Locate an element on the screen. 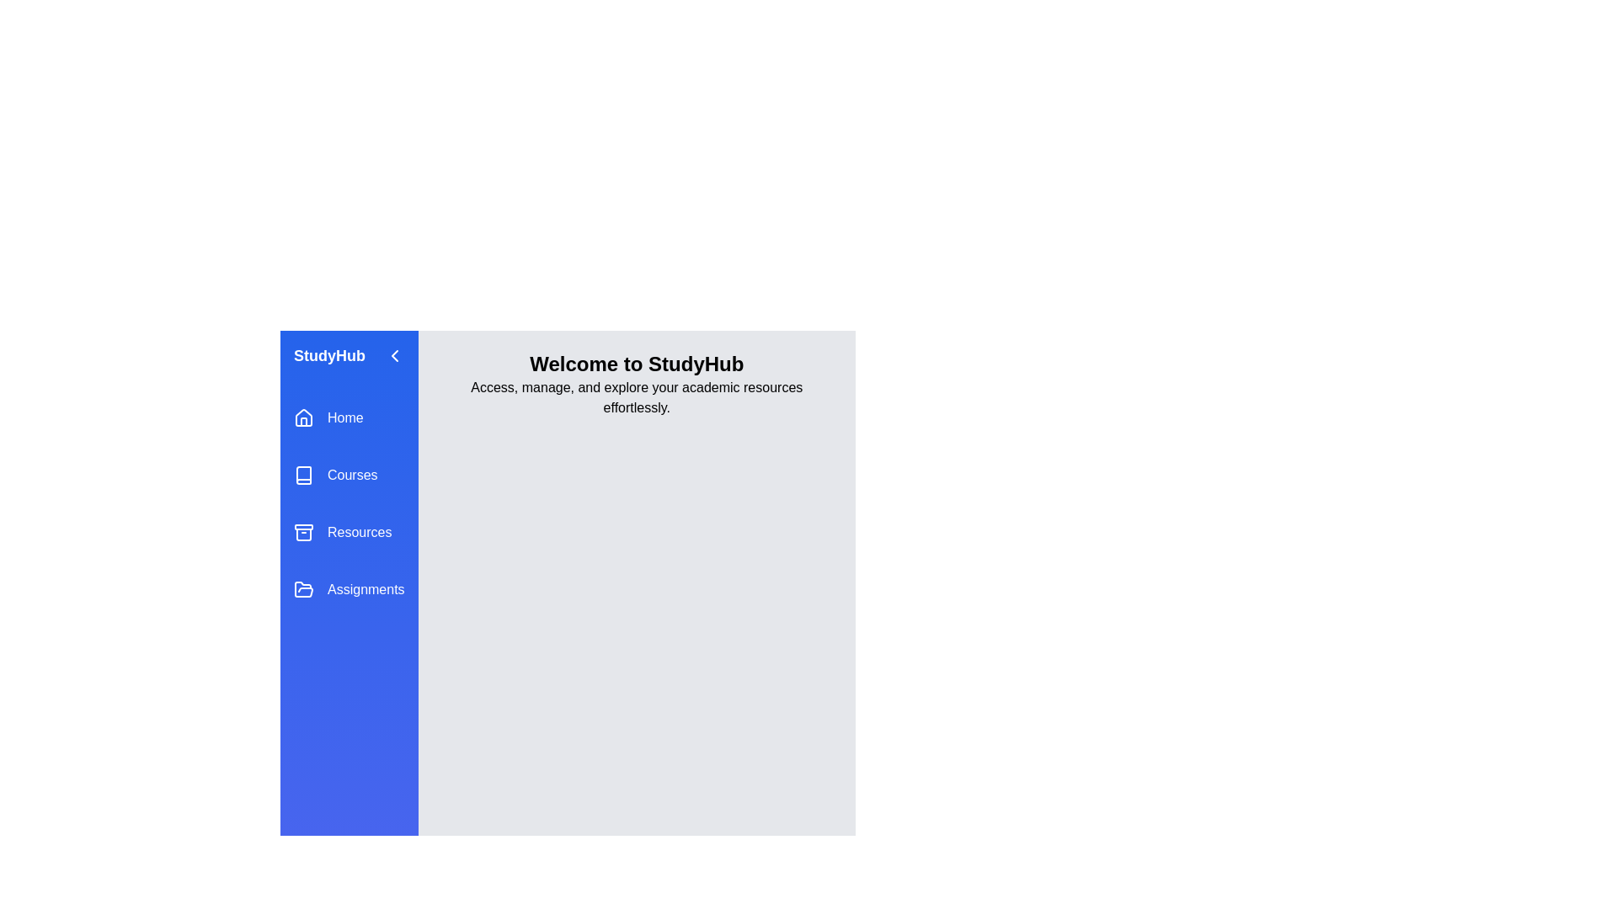  the menu item labeled Resources is located at coordinates (348, 532).